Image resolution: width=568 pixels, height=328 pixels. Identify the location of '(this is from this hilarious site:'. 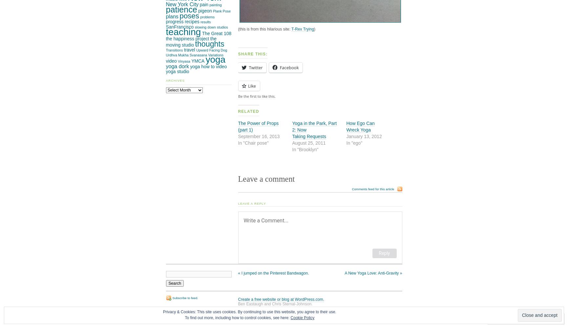
(264, 29).